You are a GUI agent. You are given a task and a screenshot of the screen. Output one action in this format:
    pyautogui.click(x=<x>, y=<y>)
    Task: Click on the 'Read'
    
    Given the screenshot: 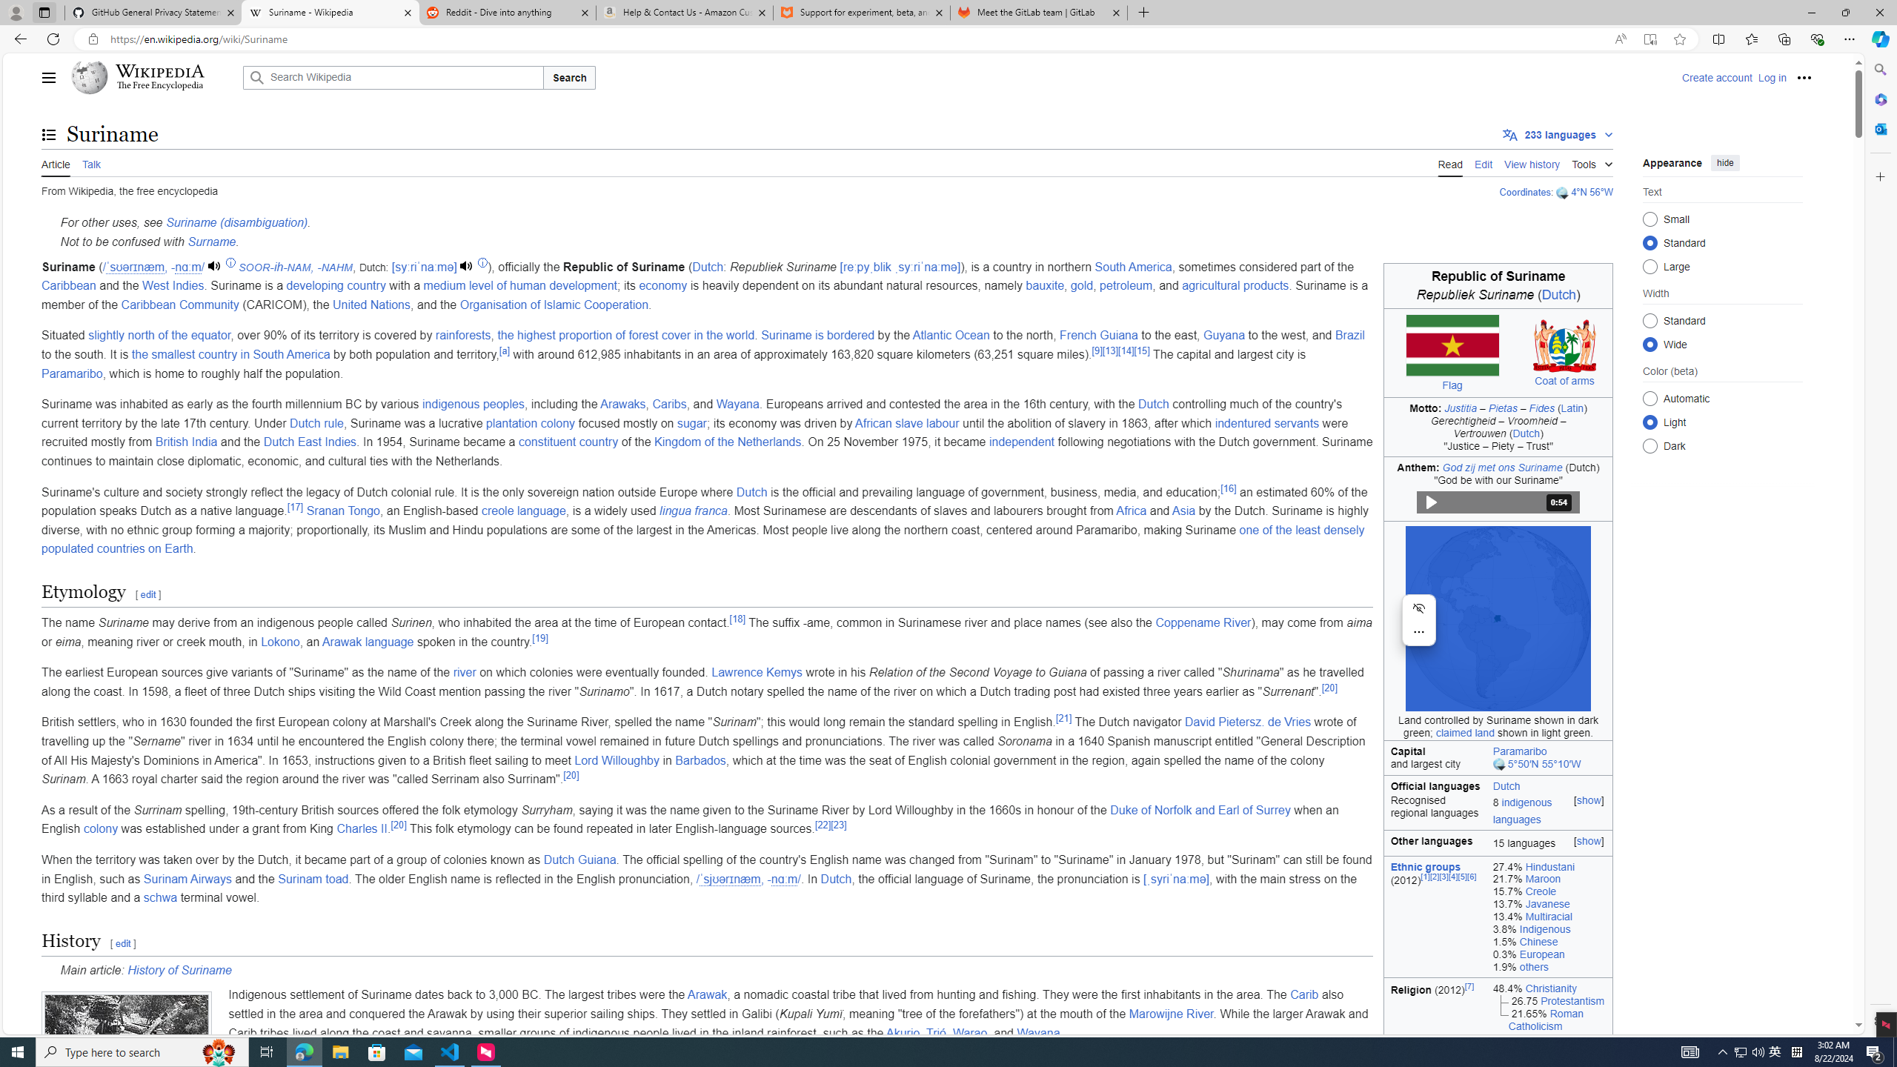 What is the action you would take?
    pyautogui.click(x=1449, y=162)
    